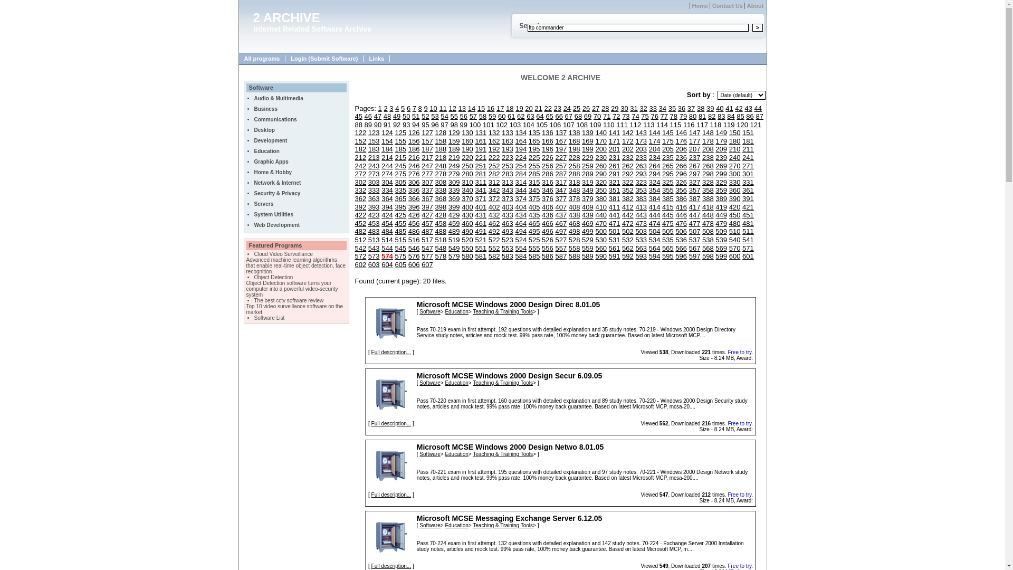 The width and height of the screenshot is (1013, 570). Describe the element at coordinates (394, 223) in the screenshot. I see `'455'` at that location.